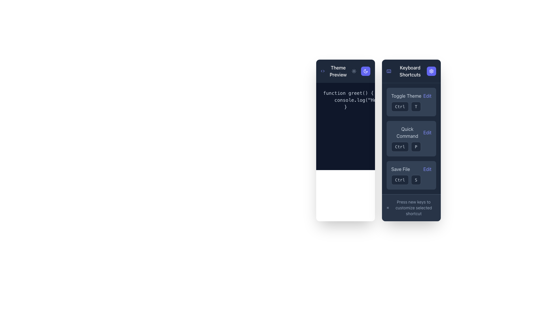 The width and height of the screenshot is (559, 314). Describe the element at coordinates (411, 96) in the screenshot. I see `the 'Edit' hyperlink in the keyboard shortcut settings located at the top of the list in the settings panel on the right-hand side of the interface to modify the setting` at that location.